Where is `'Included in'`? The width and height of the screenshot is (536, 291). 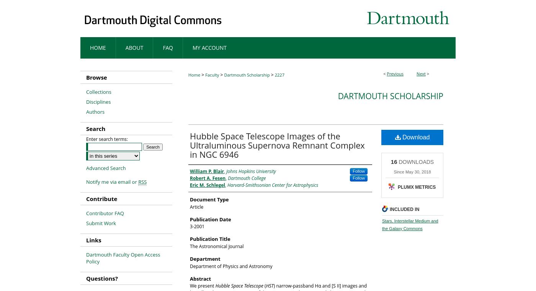 'Included in' is located at coordinates (404, 209).